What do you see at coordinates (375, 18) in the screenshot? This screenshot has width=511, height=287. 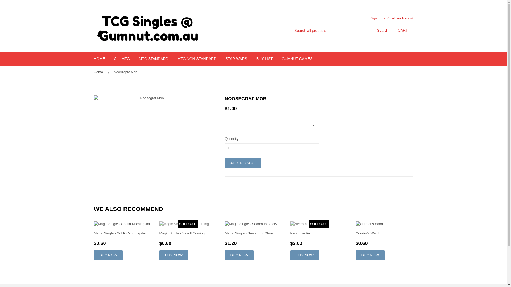 I see `'Sign in'` at bounding box center [375, 18].